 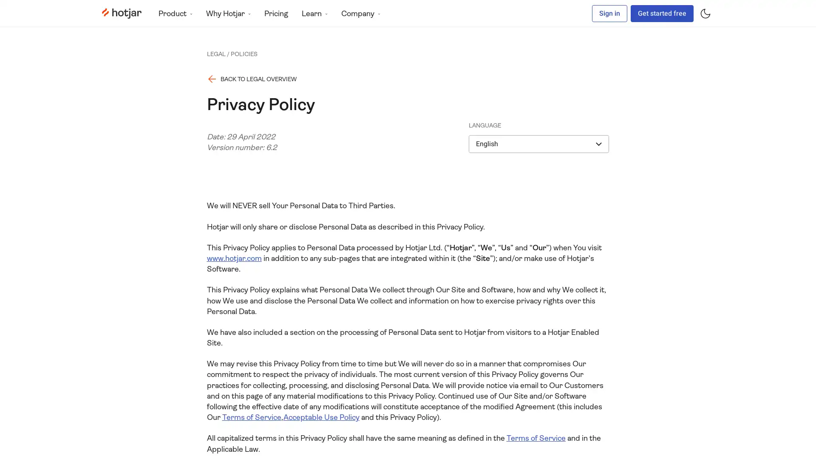 What do you see at coordinates (228, 13) in the screenshot?
I see `Why Hotjar` at bounding box center [228, 13].